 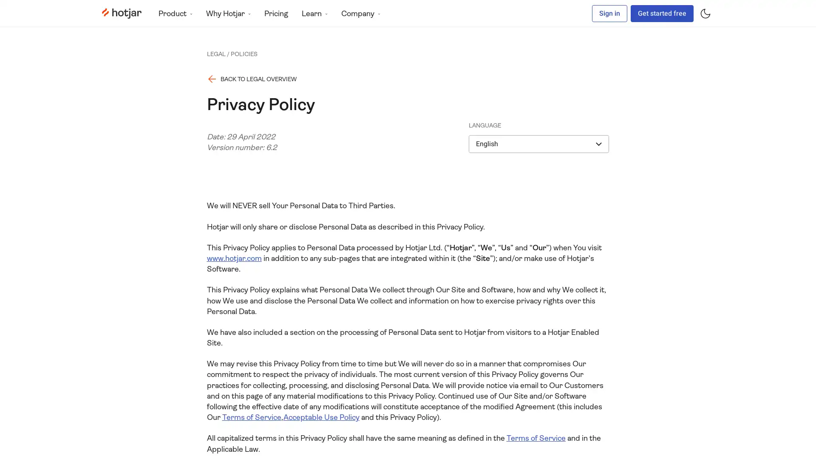 What do you see at coordinates (228, 13) in the screenshot?
I see `Why Hotjar` at bounding box center [228, 13].